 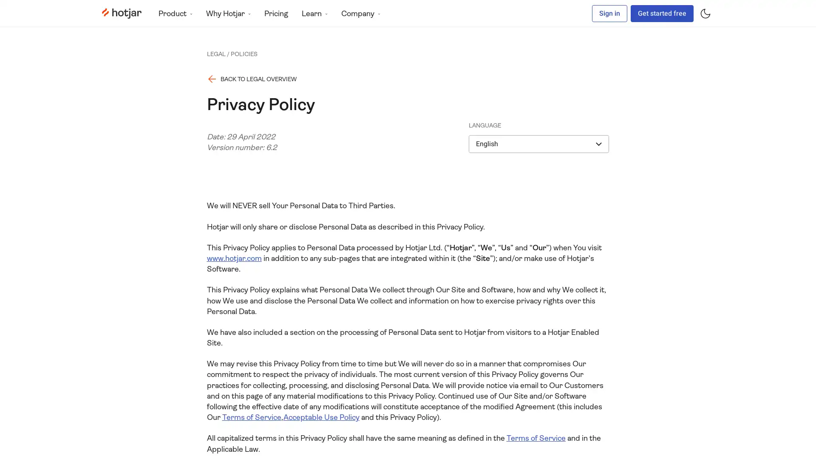 What do you see at coordinates (228, 13) in the screenshot?
I see `Why Hotjar` at bounding box center [228, 13].